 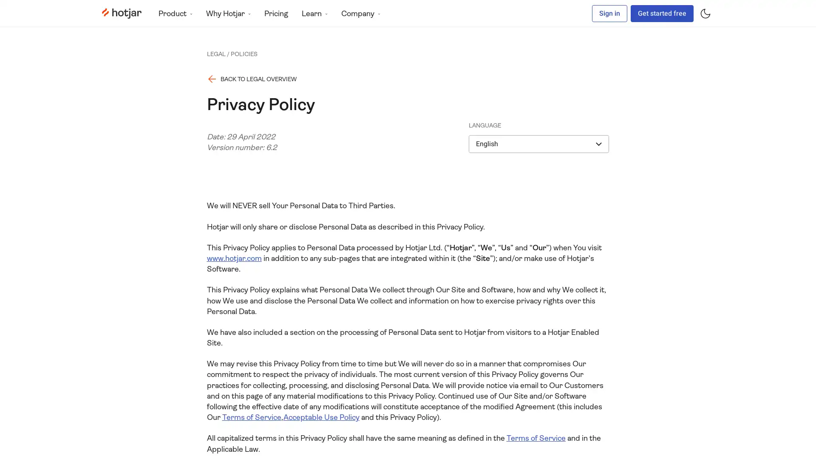 What do you see at coordinates (228, 13) in the screenshot?
I see `Why Hotjar` at bounding box center [228, 13].